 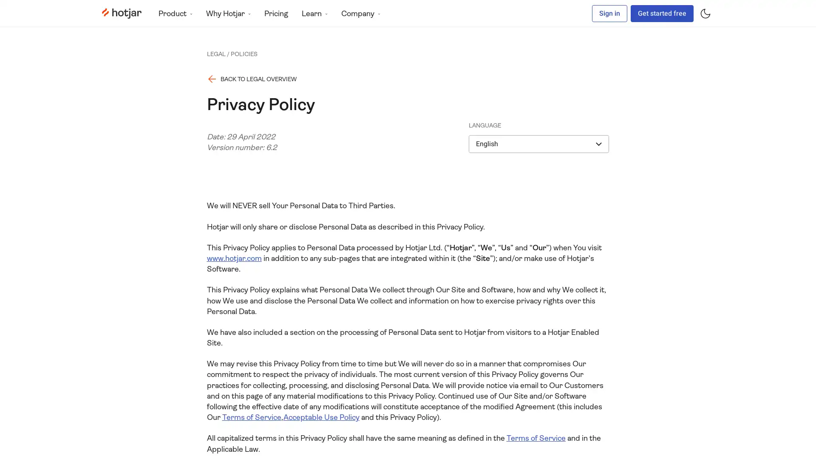 What do you see at coordinates (228, 13) in the screenshot?
I see `Why Hotjar` at bounding box center [228, 13].